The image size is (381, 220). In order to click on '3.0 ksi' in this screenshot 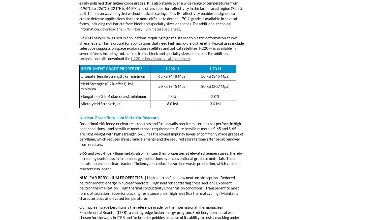, I will do `click(215, 104)`.